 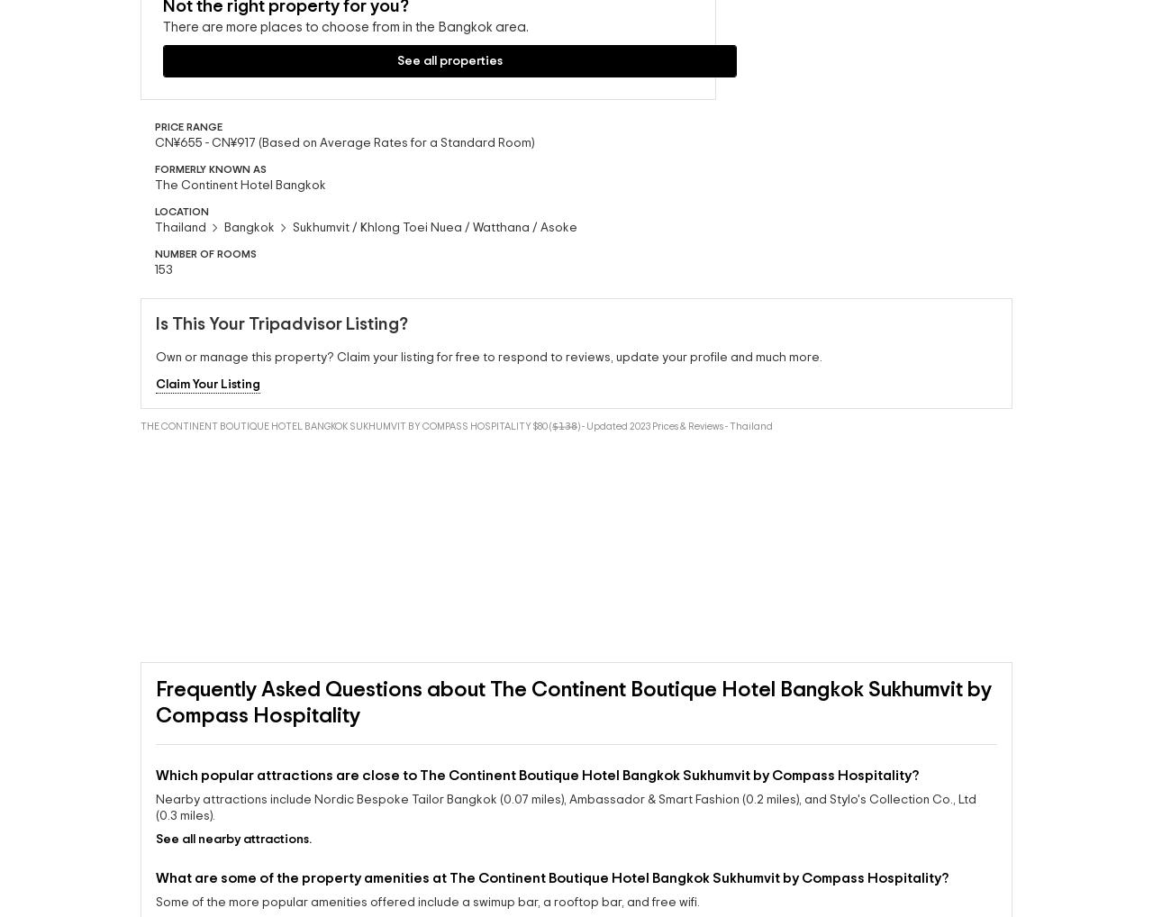 I want to click on 'See all nearby attractions.', so click(x=156, y=901).